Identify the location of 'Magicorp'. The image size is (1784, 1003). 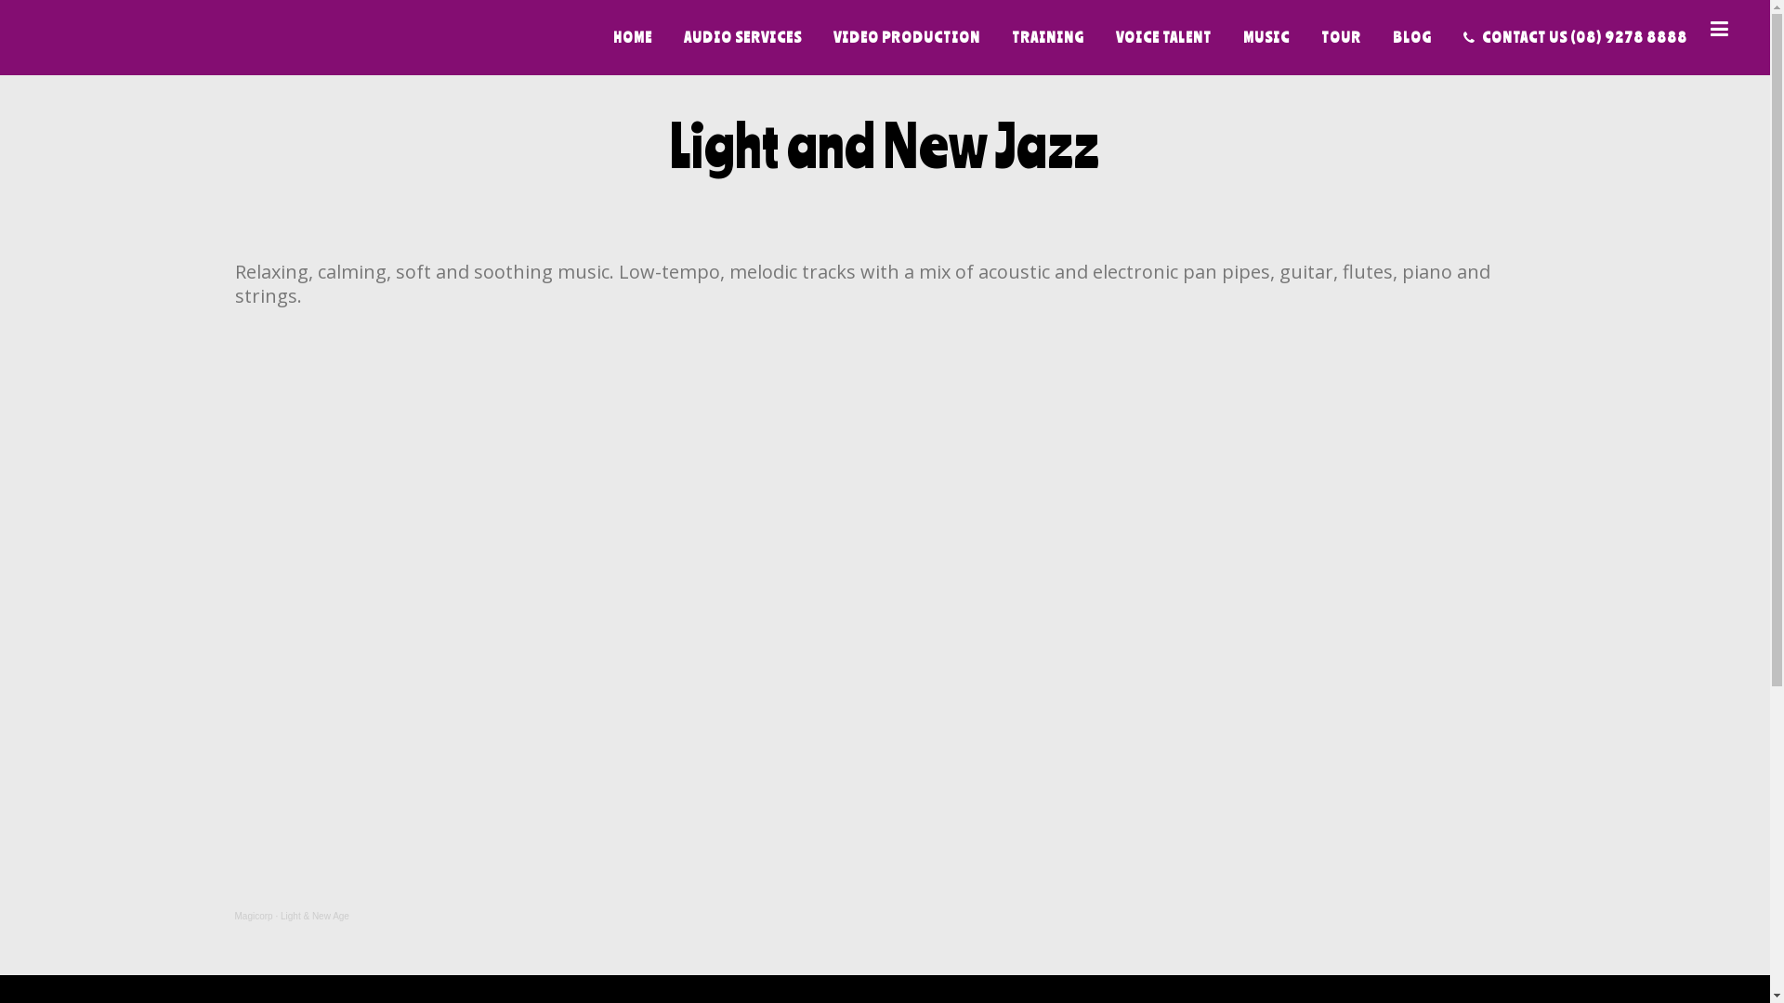
(252, 915).